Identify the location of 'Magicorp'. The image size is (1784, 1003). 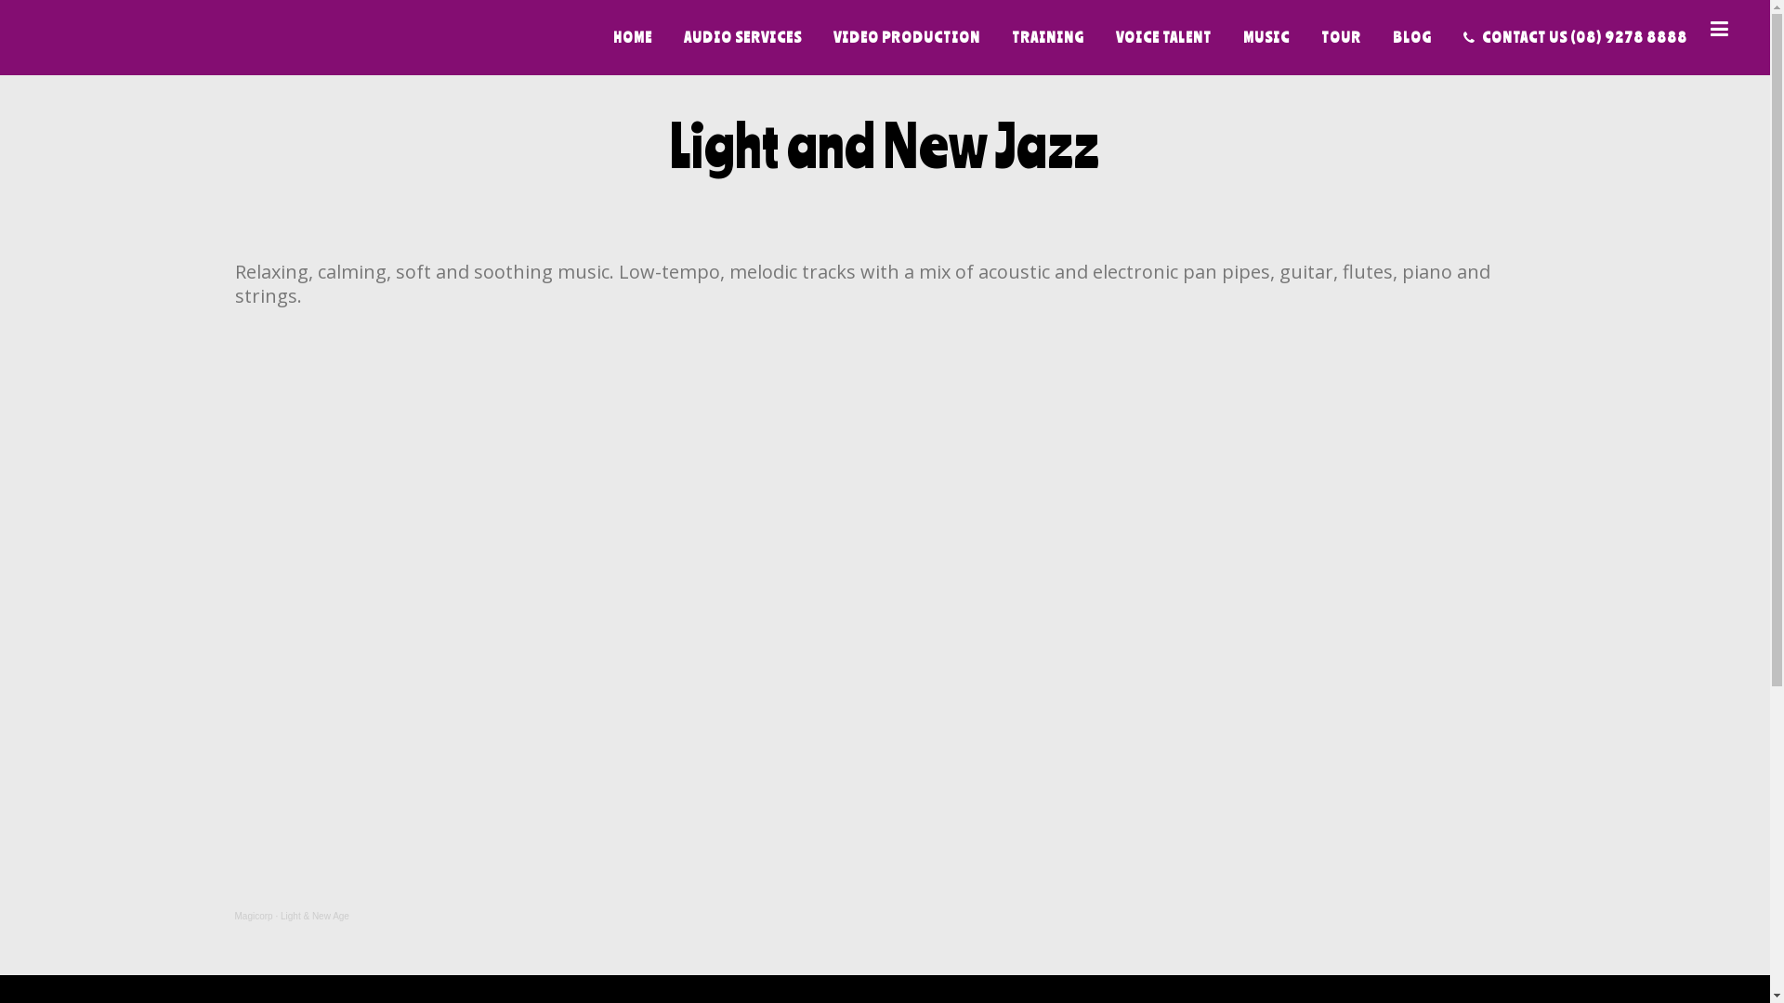
(252, 915).